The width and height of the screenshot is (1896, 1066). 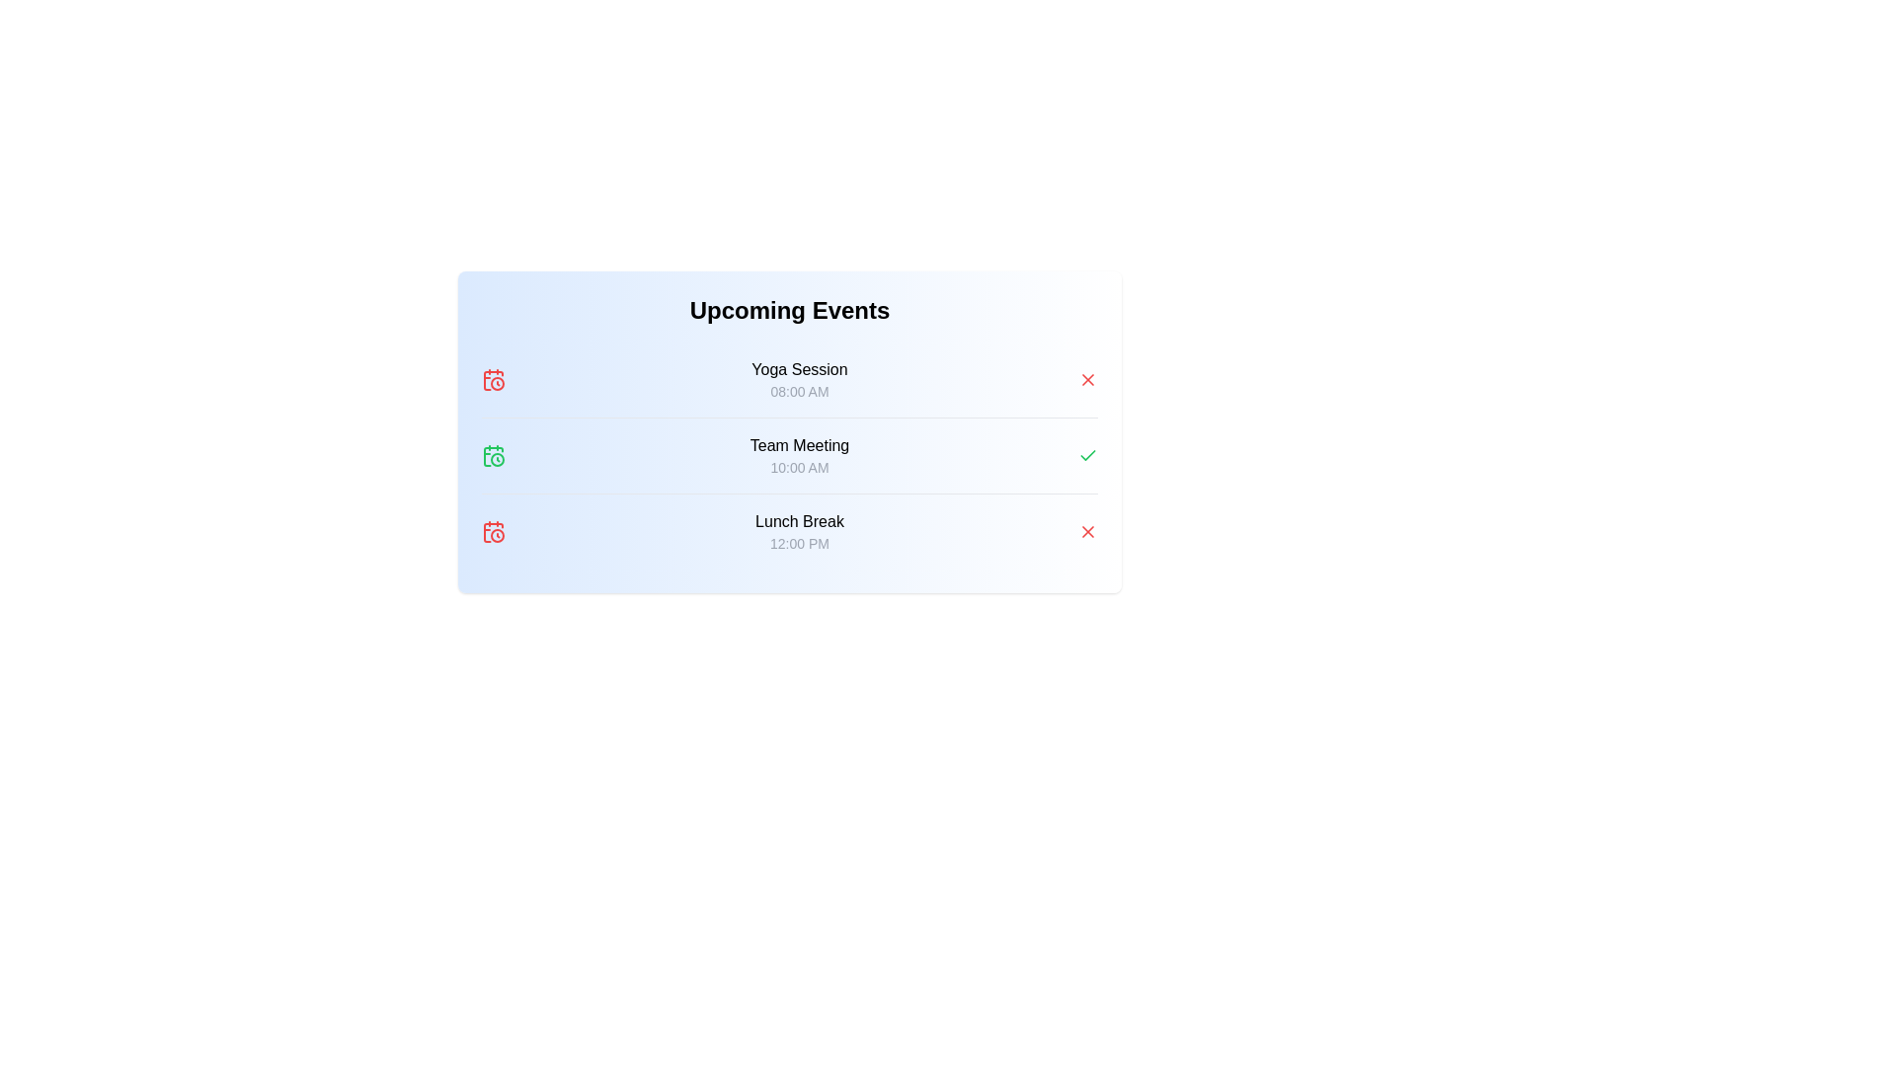 What do you see at coordinates (498, 460) in the screenshot?
I see `the innermost circular graphical element of the clock within the calendar-clock icon, located to the left of the 'Team Meeting' text in the 'Upcoming Events' section` at bounding box center [498, 460].